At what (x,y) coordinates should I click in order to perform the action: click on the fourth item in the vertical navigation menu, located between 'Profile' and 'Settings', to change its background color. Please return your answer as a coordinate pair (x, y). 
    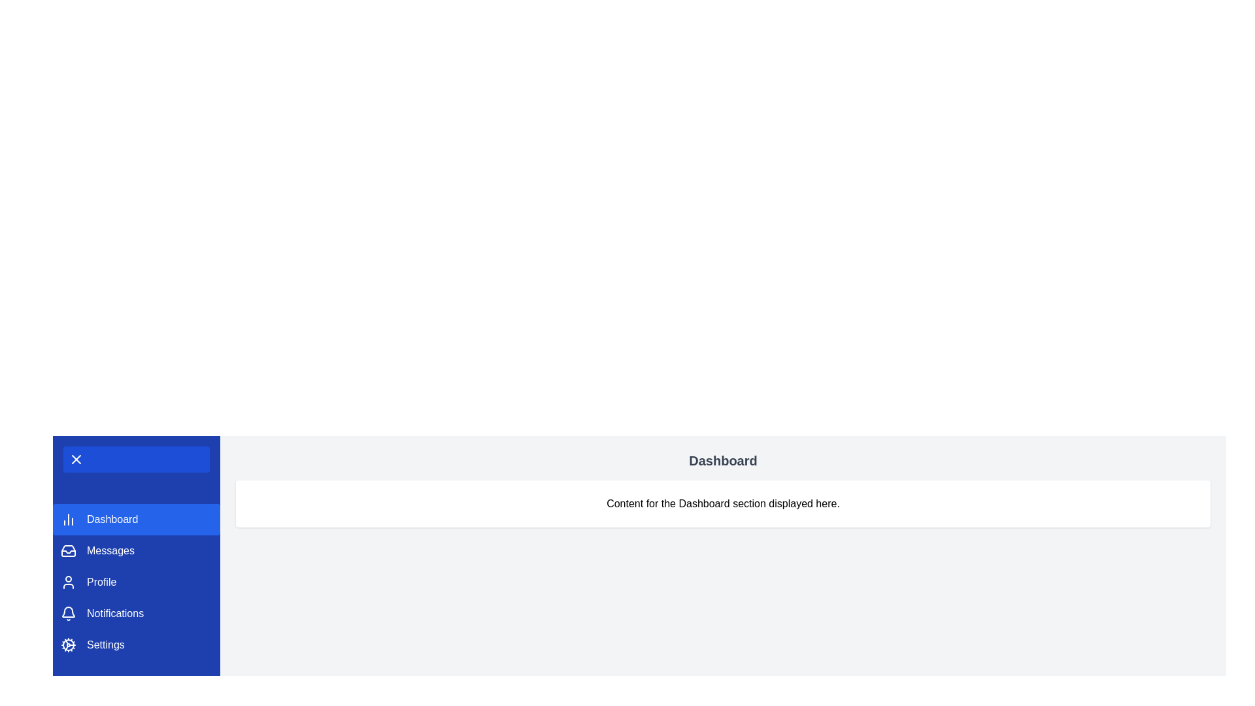
    Looking at the image, I should click on (137, 613).